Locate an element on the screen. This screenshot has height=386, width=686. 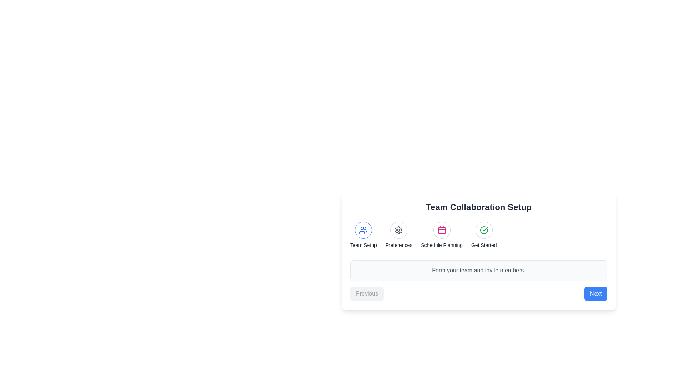
the graphical component within the 'Schedule Planning' icon, which is the third icon from the left in the row of four icons below the 'Team Collaboration Setup' heading is located at coordinates (441, 230).